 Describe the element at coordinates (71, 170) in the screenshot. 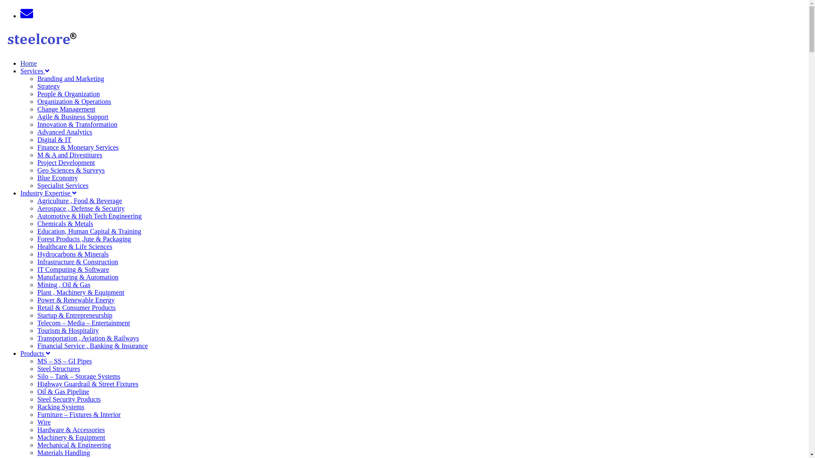

I see `'Geo Sciences & Surveys'` at that location.